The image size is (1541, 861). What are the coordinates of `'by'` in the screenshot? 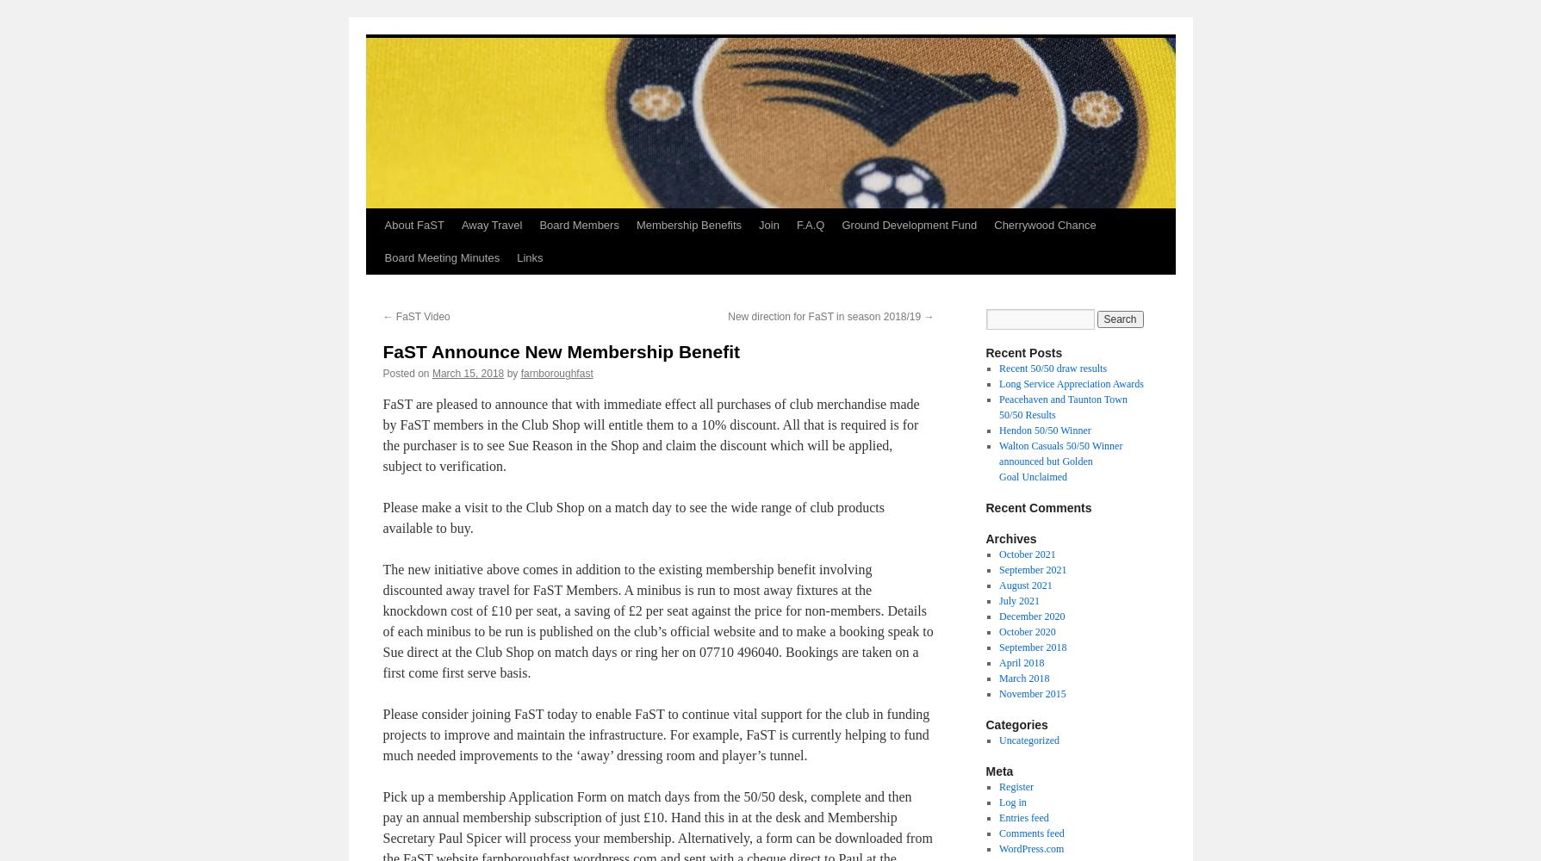 It's located at (511, 374).